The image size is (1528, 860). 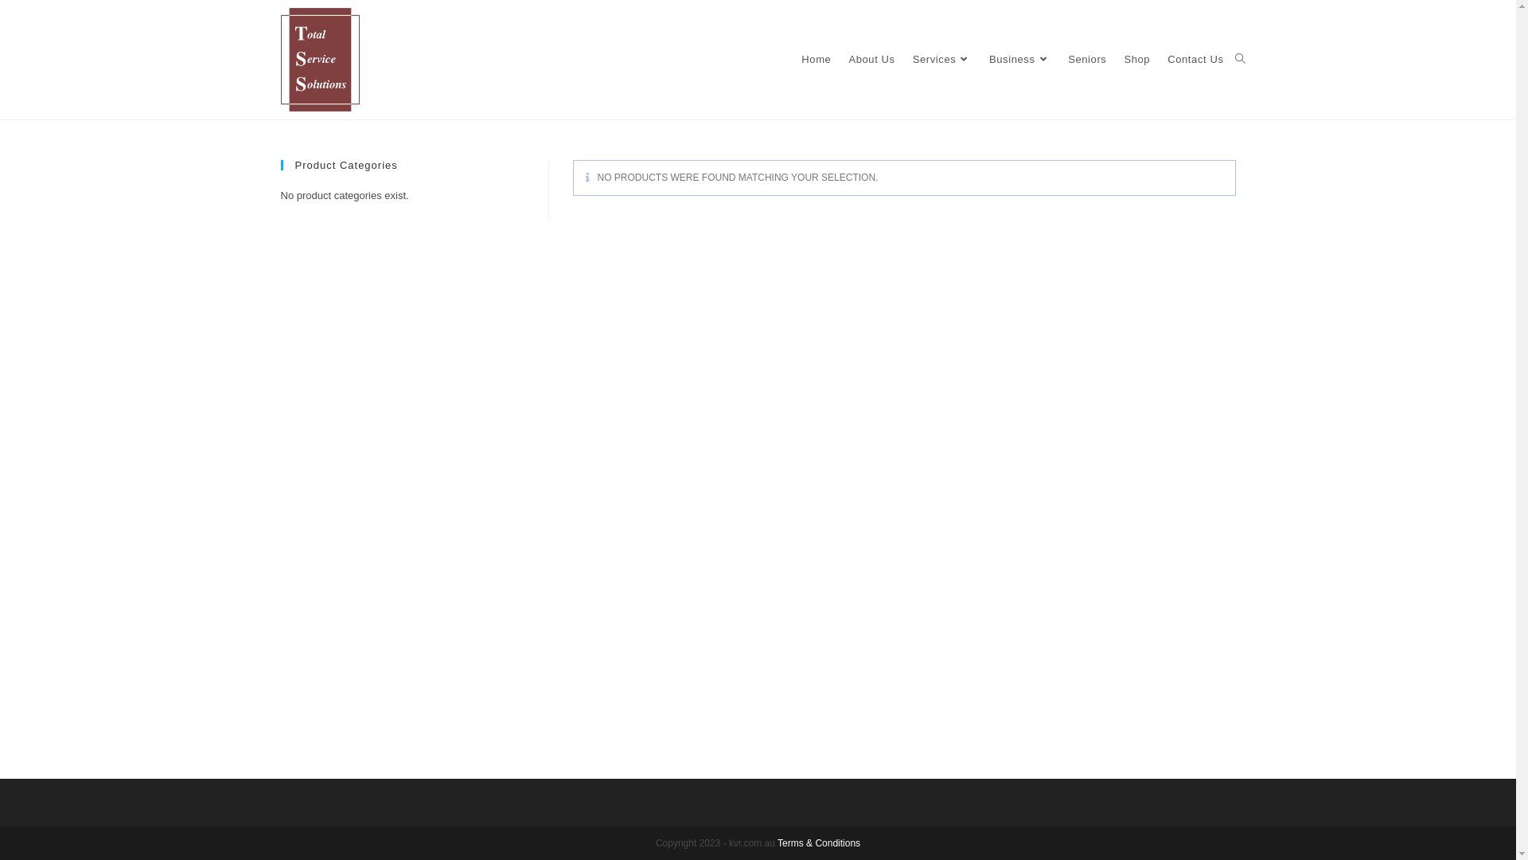 What do you see at coordinates (818, 842) in the screenshot?
I see `'Terms & Conditions'` at bounding box center [818, 842].